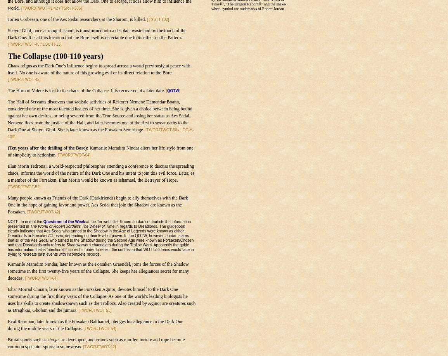  Describe the element at coordinates (35, 44) in the screenshot. I see `'[TWORJTWOT-45 / LOC-H-13]'` at that location.